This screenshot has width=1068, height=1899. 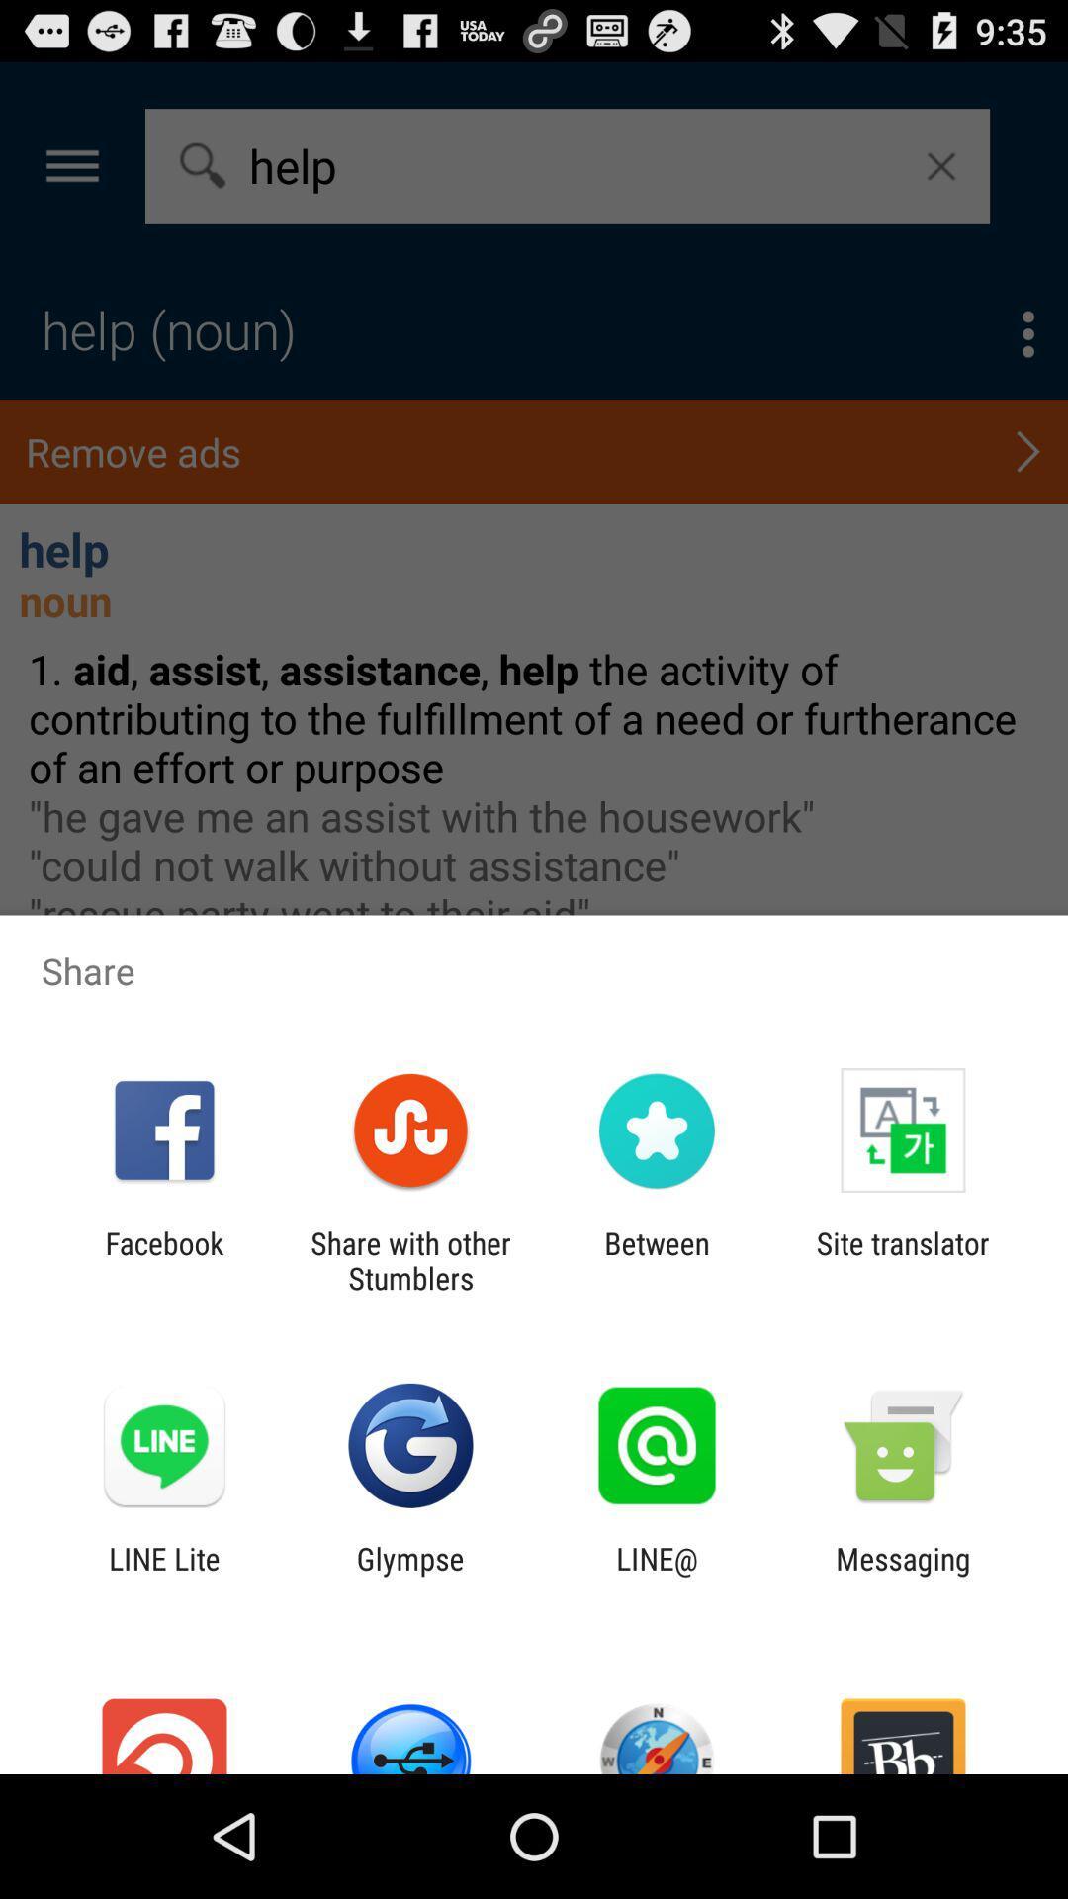 What do you see at coordinates (657, 1260) in the screenshot?
I see `the between icon` at bounding box center [657, 1260].